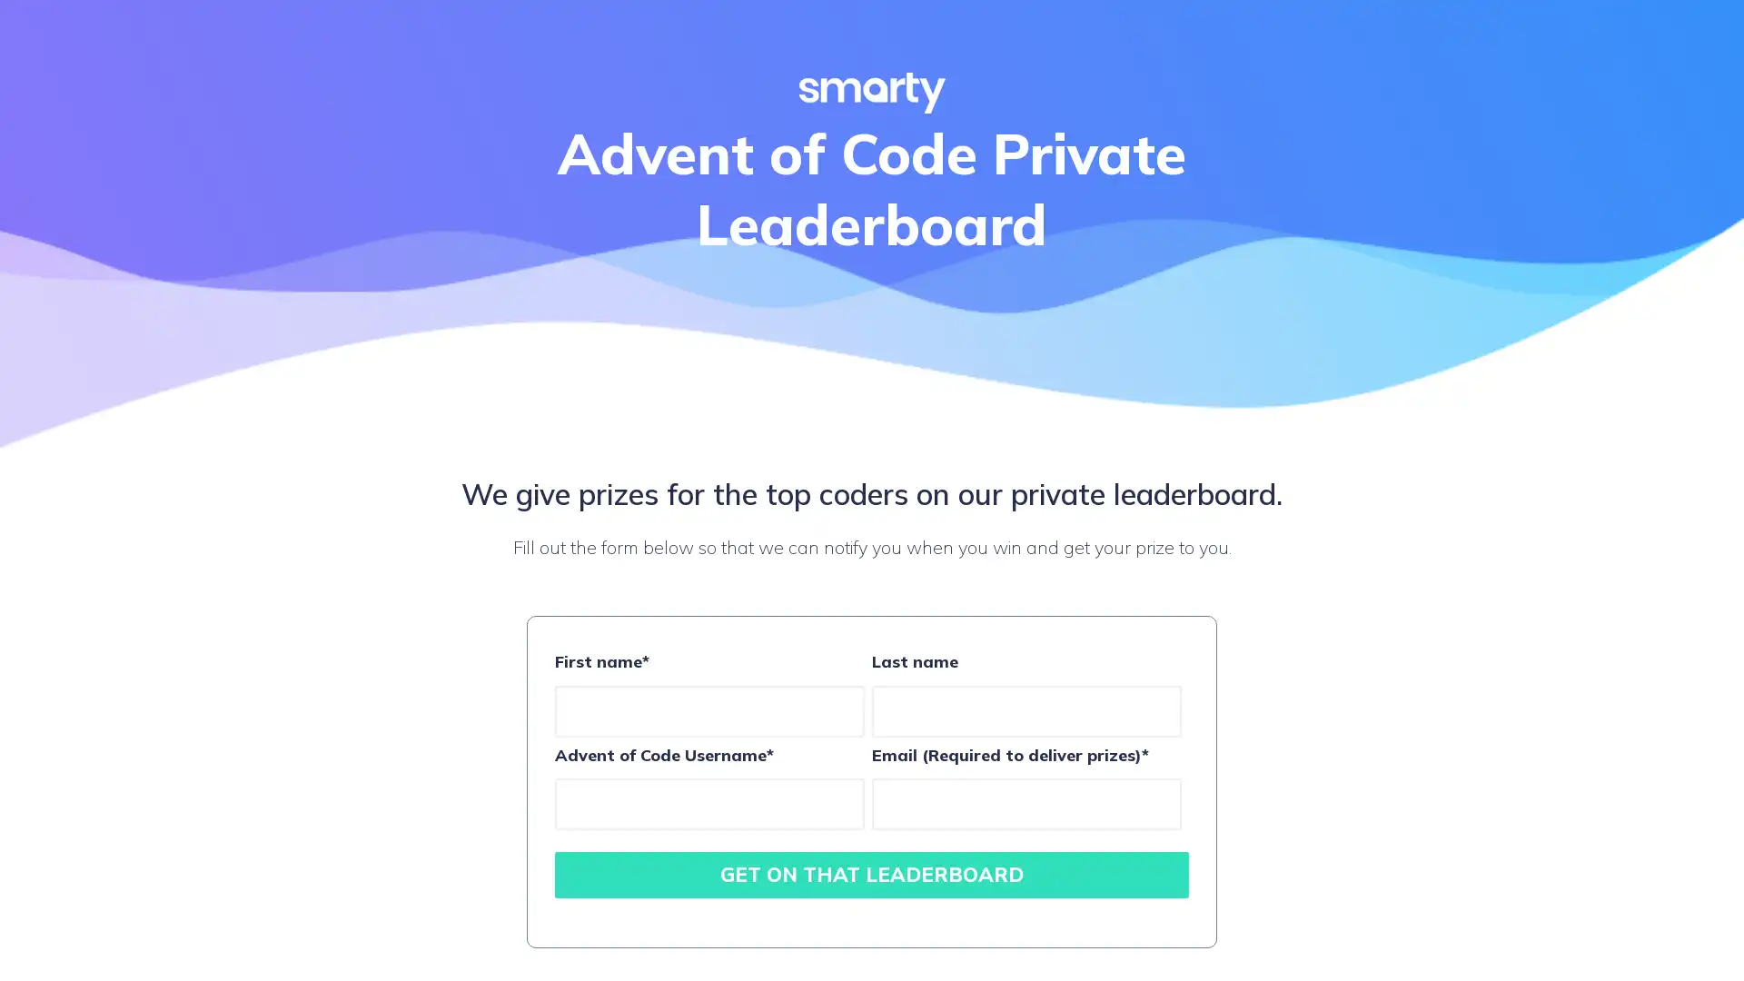  I want to click on GET ON THAT LEADERBOARD, so click(872, 874).